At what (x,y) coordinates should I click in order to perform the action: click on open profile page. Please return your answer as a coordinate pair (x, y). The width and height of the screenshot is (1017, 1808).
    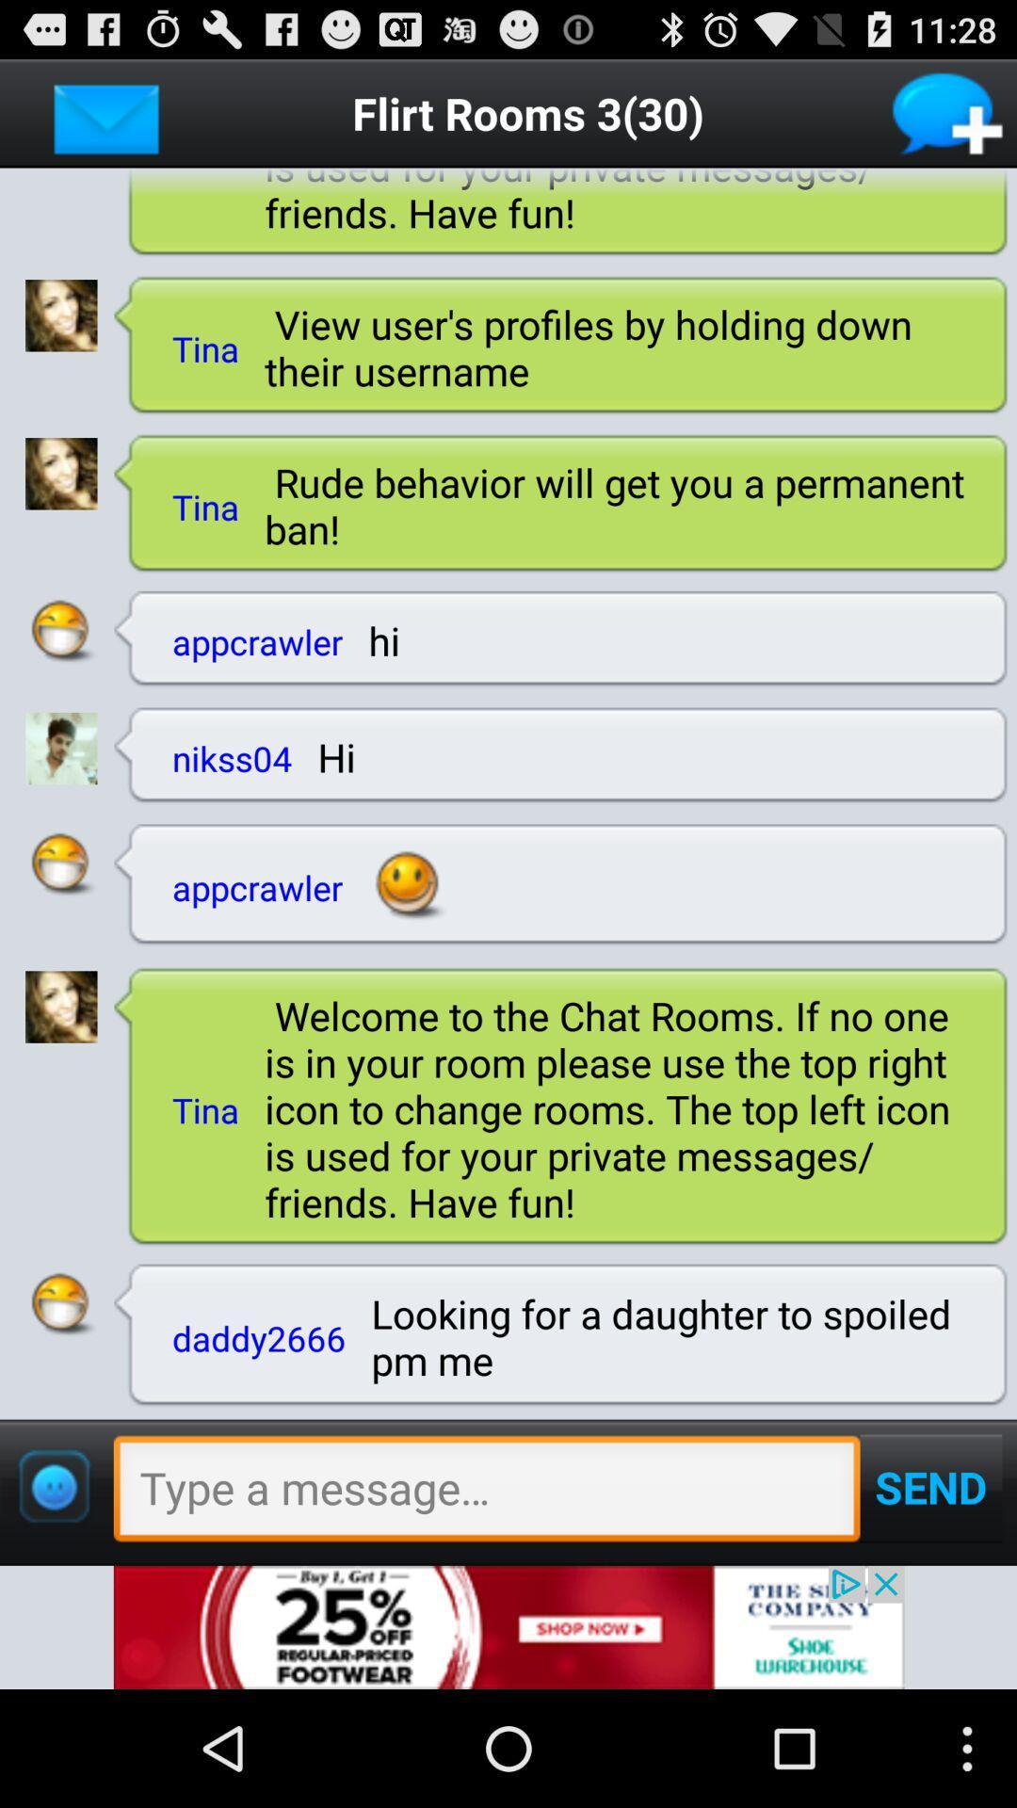
    Looking at the image, I should click on (60, 1006).